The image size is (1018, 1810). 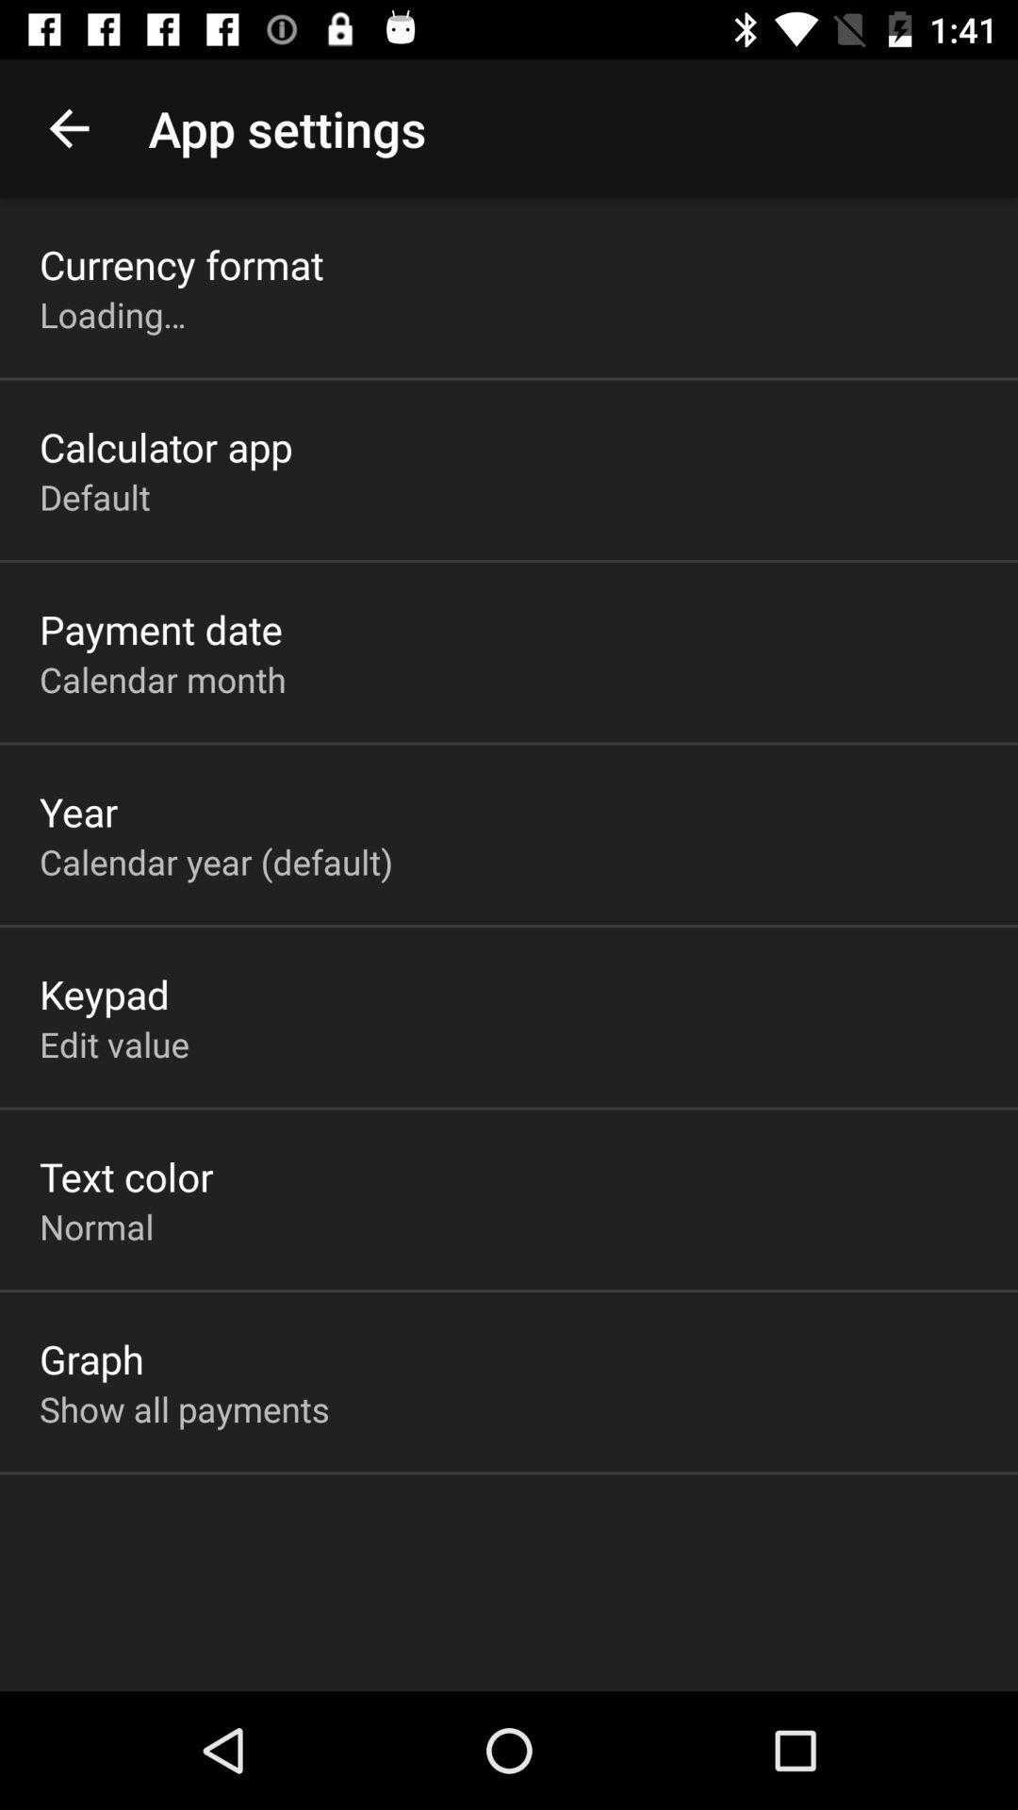 I want to click on the calculator app icon, so click(x=165, y=446).